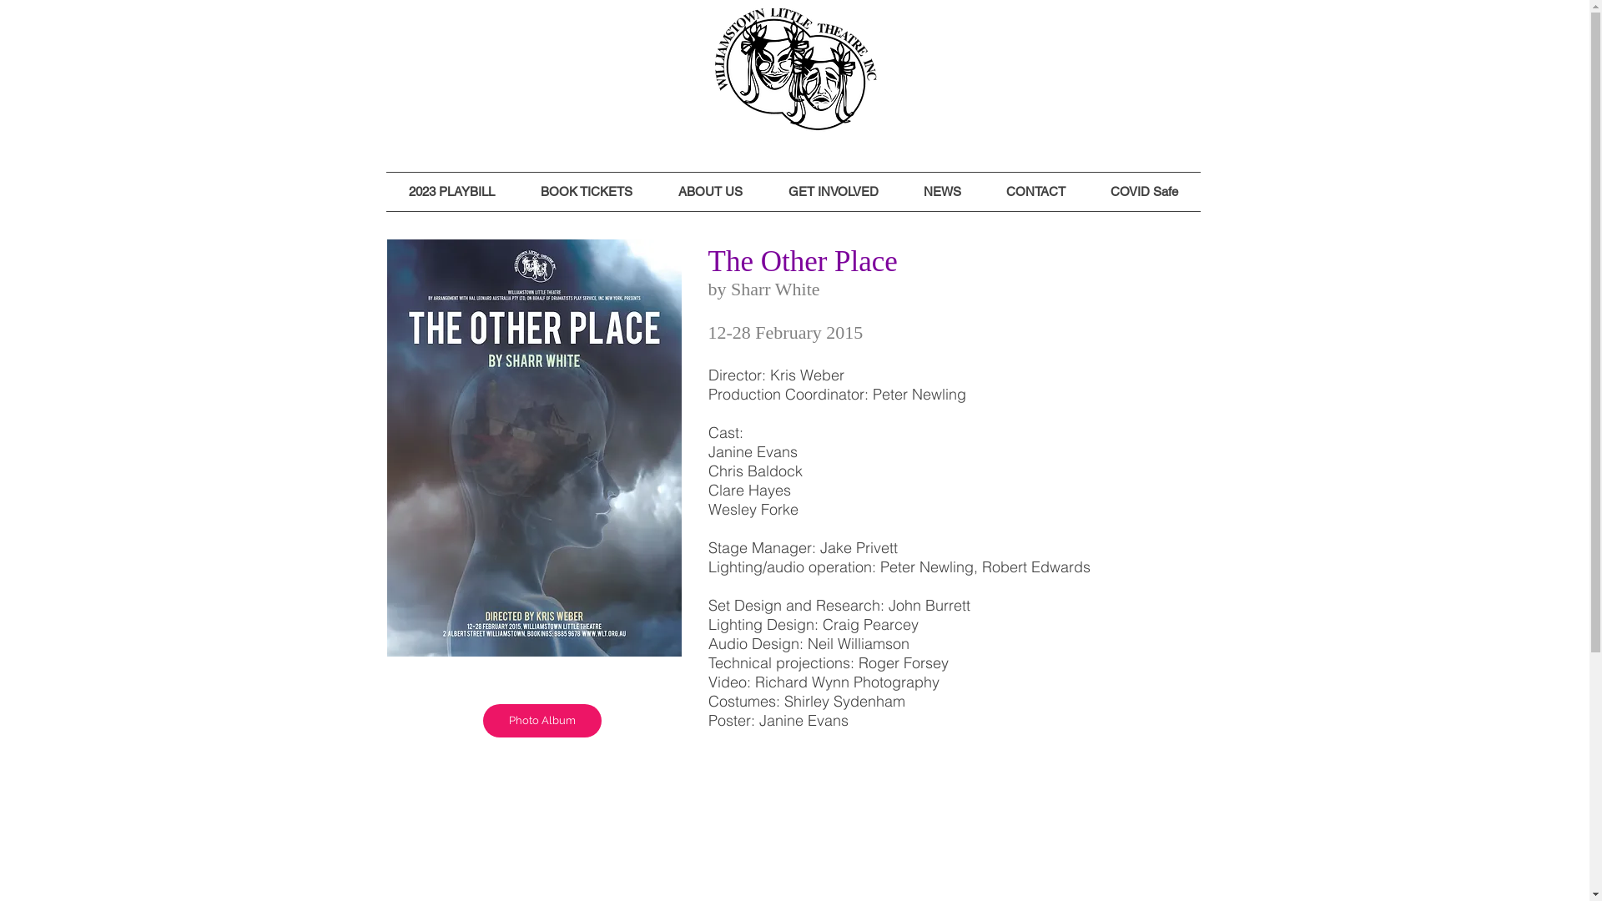 This screenshot has height=901, width=1602. What do you see at coordinates (1143, 191) in the screenshot?
I see `'COVID Safe'` at bounding box center [1143, 191].